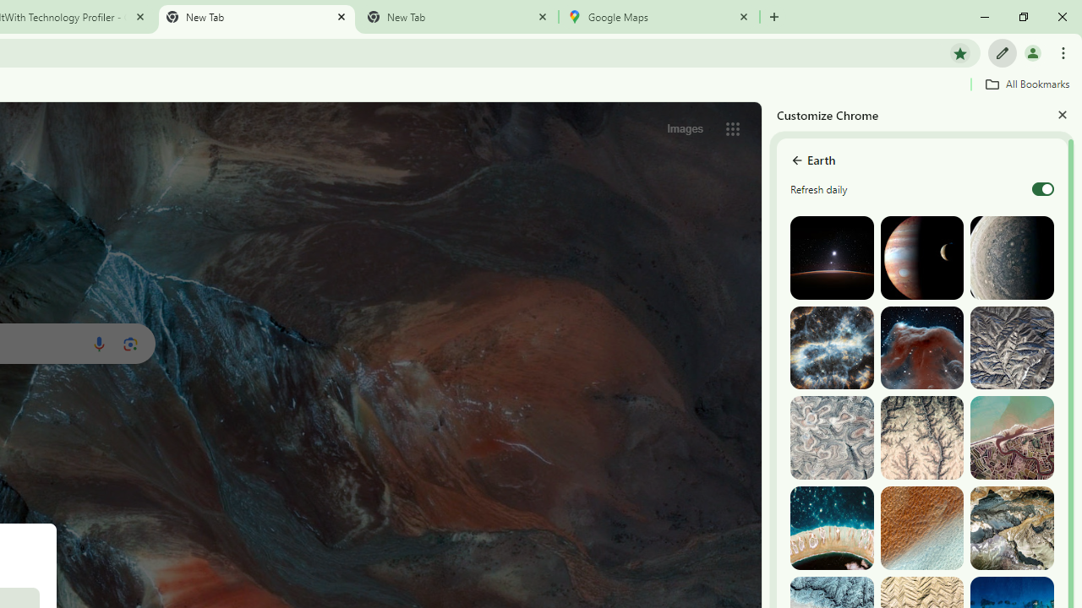 This screenshot has width=1082, height=608. Describe the element at coordinates (1031, 52) in the screenshot. I see `'You'` at that location.